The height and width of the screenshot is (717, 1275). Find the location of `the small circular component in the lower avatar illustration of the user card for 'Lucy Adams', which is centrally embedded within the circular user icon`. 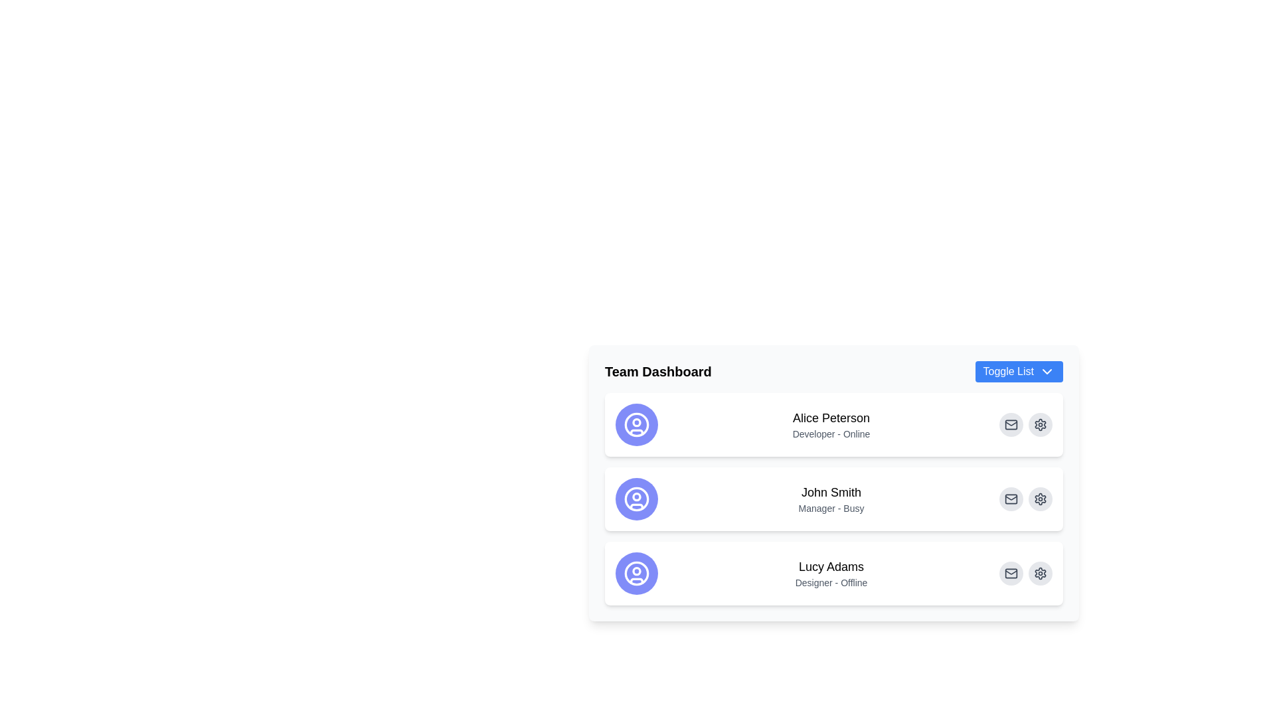

the small circular component in the lower avatar illustration of the user card for 'Lucy Adams', which is centrally embedded within the circular user icon is located at coordinates (636, 570).